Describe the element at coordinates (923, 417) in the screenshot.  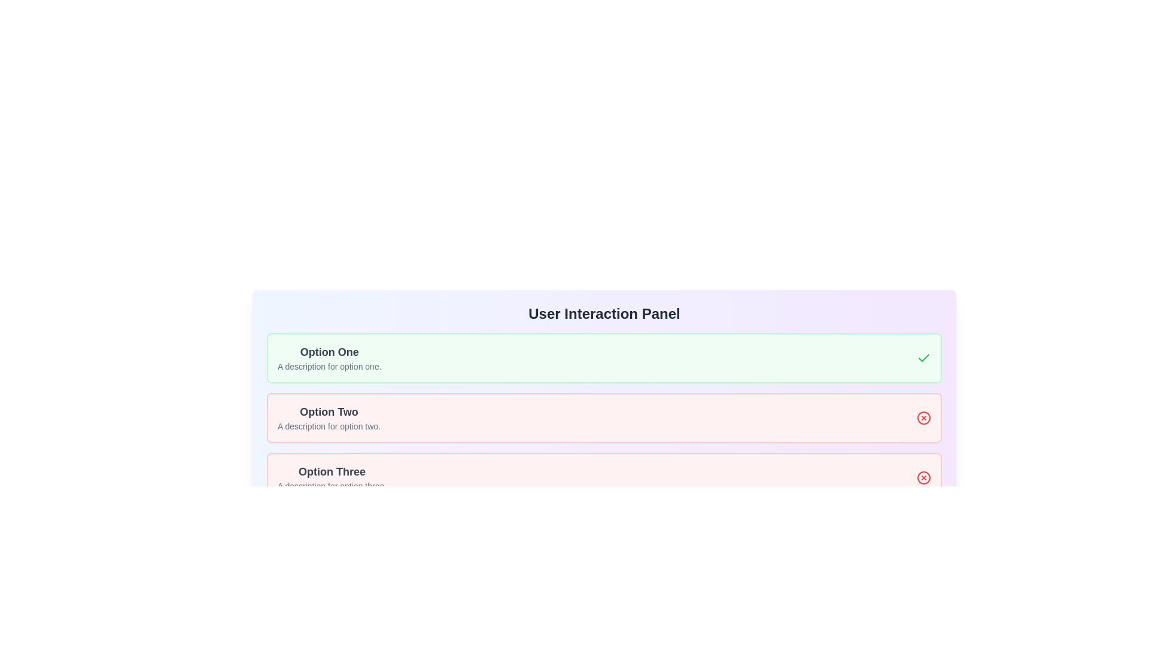
I see `the SVG circle element, which is part of an icon located in the second option of a panel, positioned towards the right side of the option box` at that location.